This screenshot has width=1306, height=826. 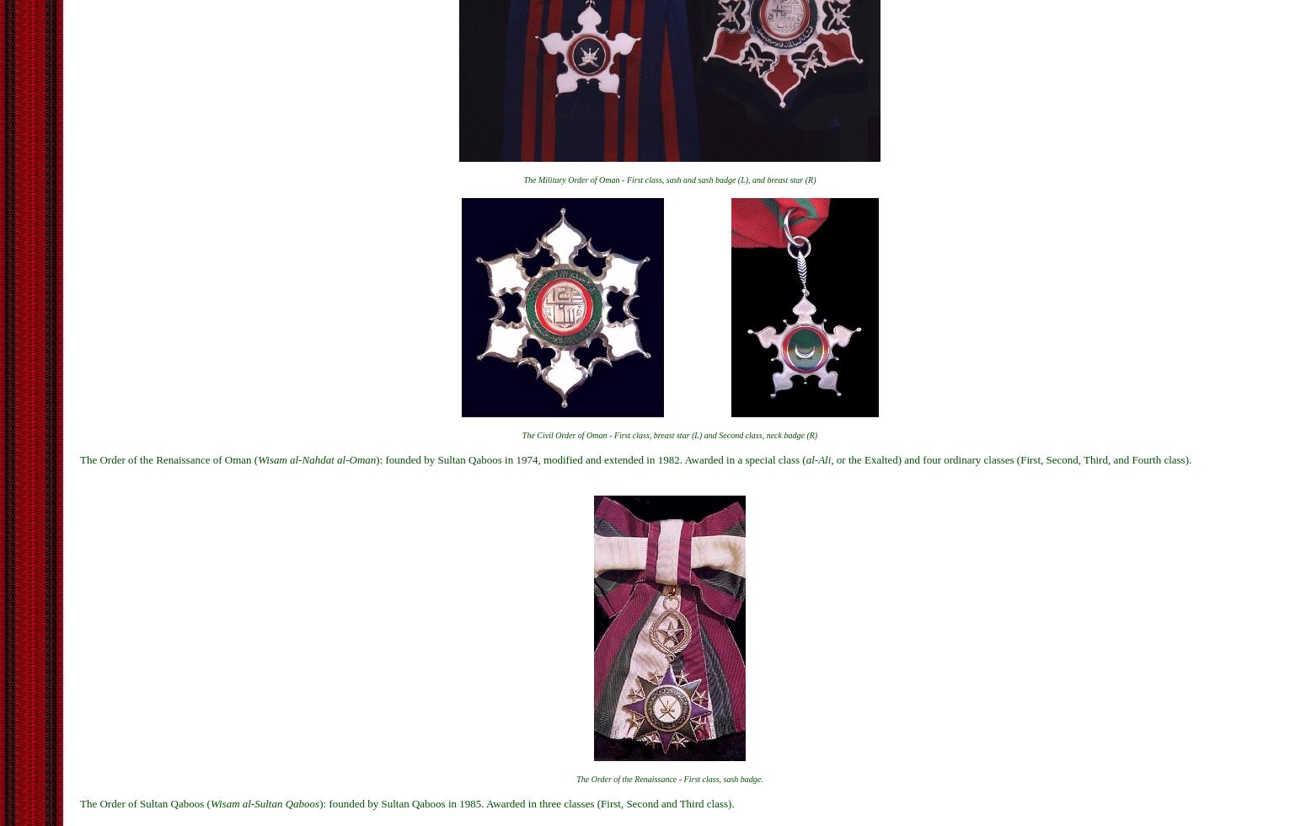 I want to click on '): founded by Sultan Qaboos in 1985. Awarded in three classes (First, Second and Third class).', so click(x=525, y=803).